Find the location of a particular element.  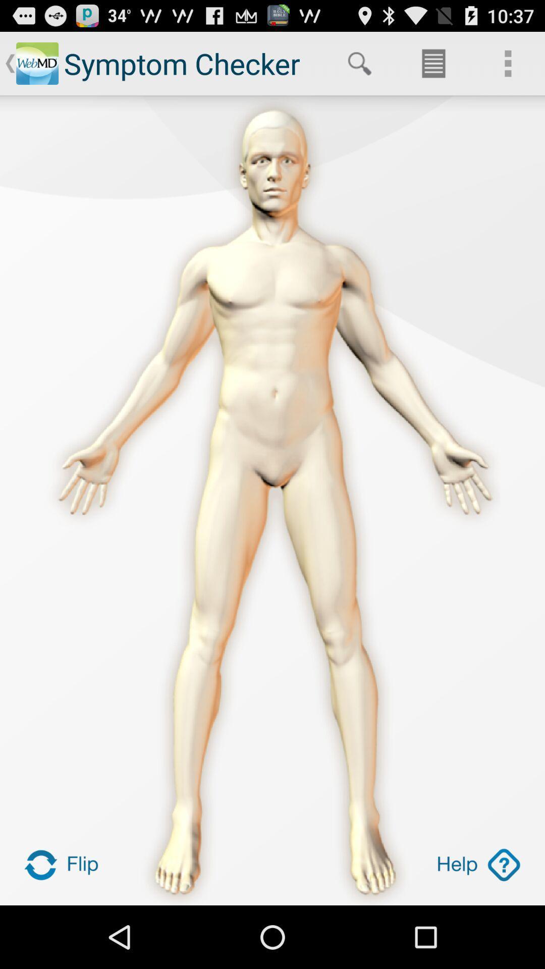

search help on the website is located at coordinates (478, 864).